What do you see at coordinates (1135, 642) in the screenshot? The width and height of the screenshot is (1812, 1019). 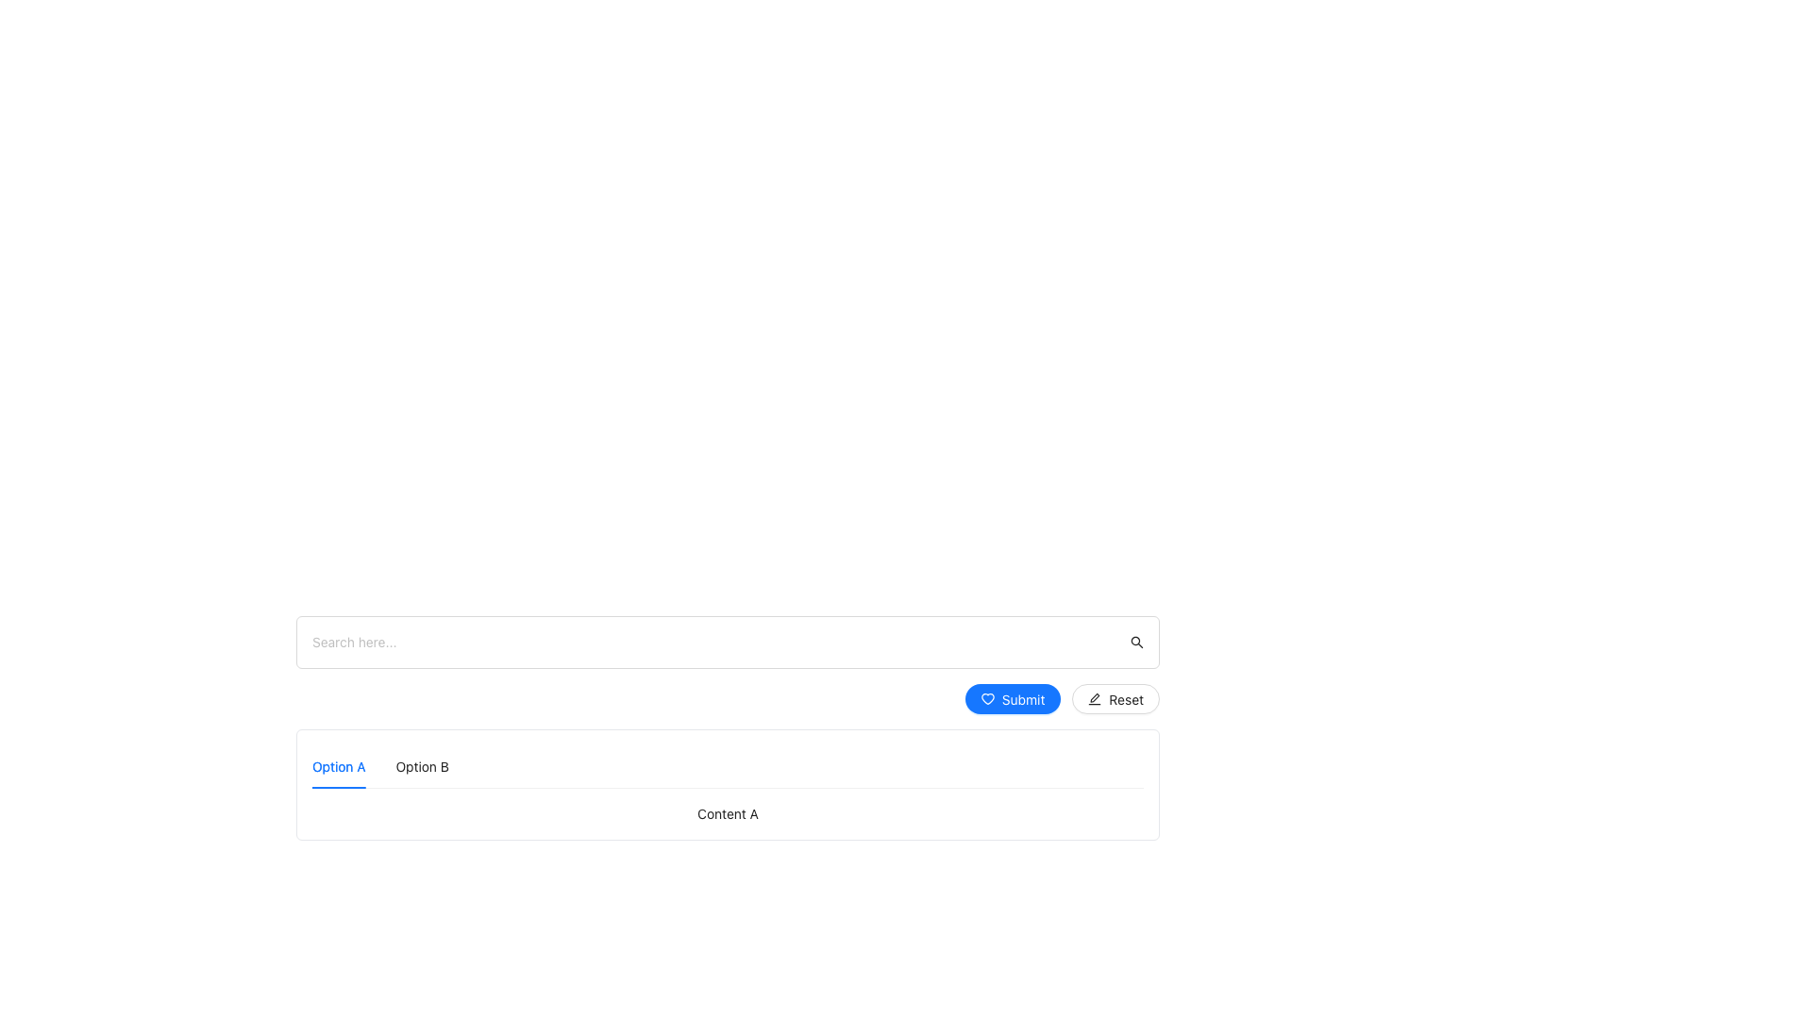 I see `the magnifying glass icon located at the top-right section of the search bar, adjacent to the user input field` at bounding box center [1135, 642].